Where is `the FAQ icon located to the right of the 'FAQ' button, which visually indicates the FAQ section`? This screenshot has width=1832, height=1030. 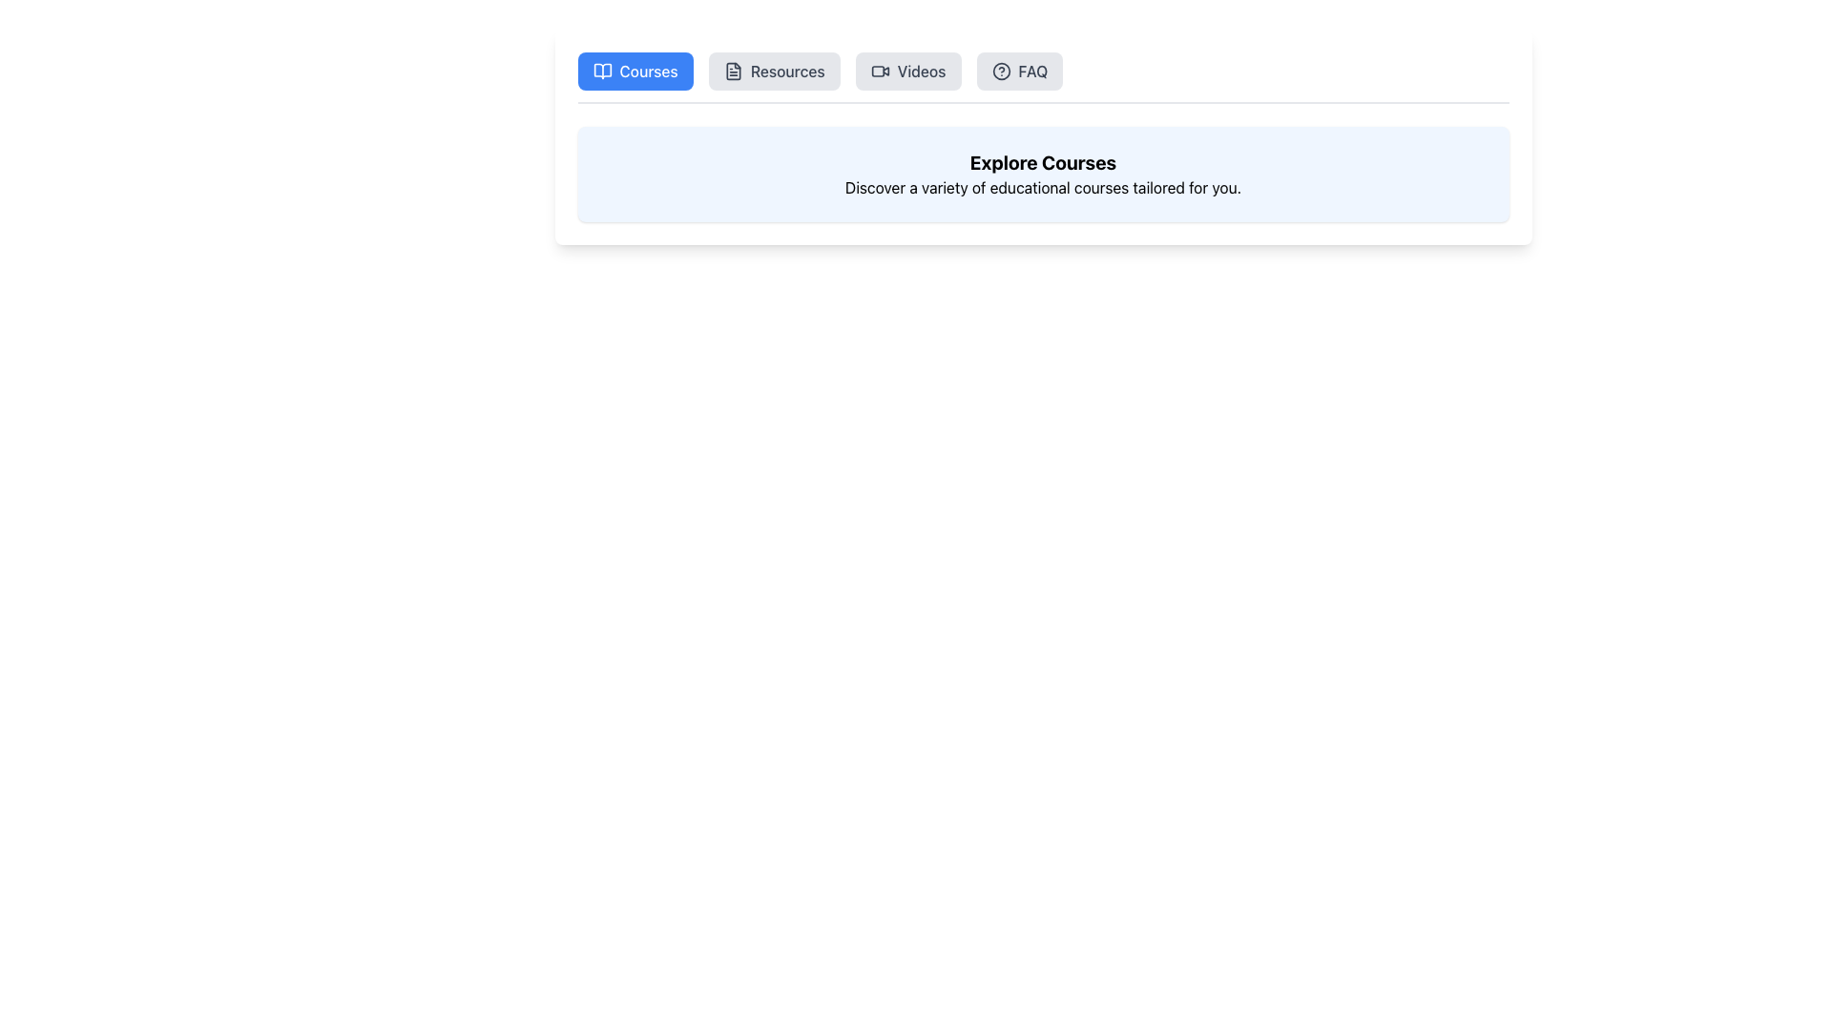
the FAQ icon located to the right of the 'FAQ' button, which visually indicates the FAQ section is located at coordinates (1000, 70).